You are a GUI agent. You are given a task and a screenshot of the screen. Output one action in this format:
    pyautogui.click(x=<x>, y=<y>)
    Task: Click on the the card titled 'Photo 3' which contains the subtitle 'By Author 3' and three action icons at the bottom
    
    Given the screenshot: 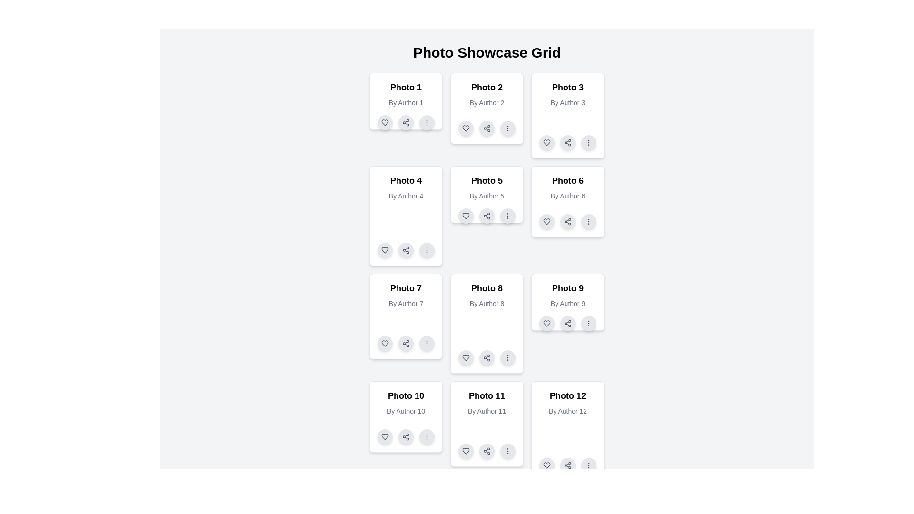 What is the action you would take?
    pyautogui.click(x=568, y=115)
    